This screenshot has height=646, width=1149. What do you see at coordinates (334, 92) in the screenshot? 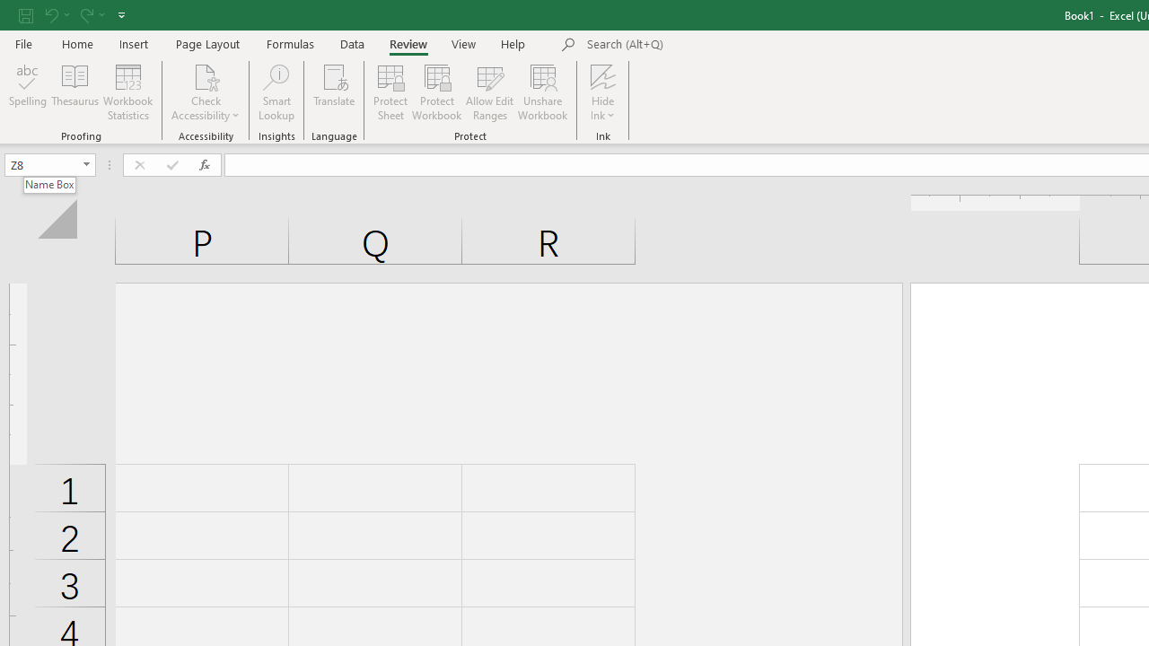
I see `'Translate'` at bounding box center [334, 92].